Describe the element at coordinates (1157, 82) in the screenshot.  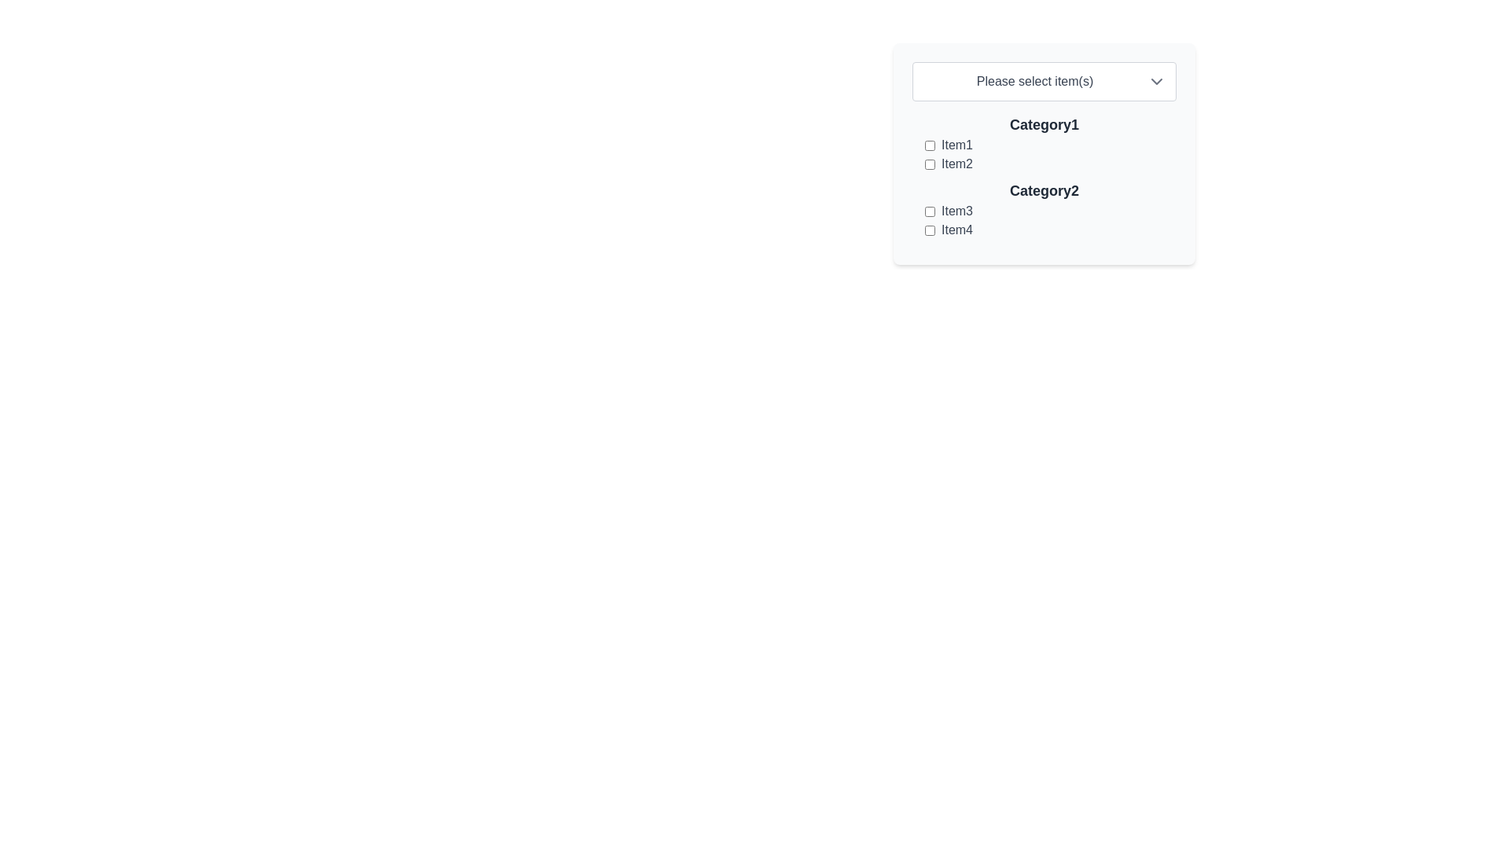
I see `the chevron icon located in the top-right corner of the dropdown area labeled 'Please select item(s).'` at that location.